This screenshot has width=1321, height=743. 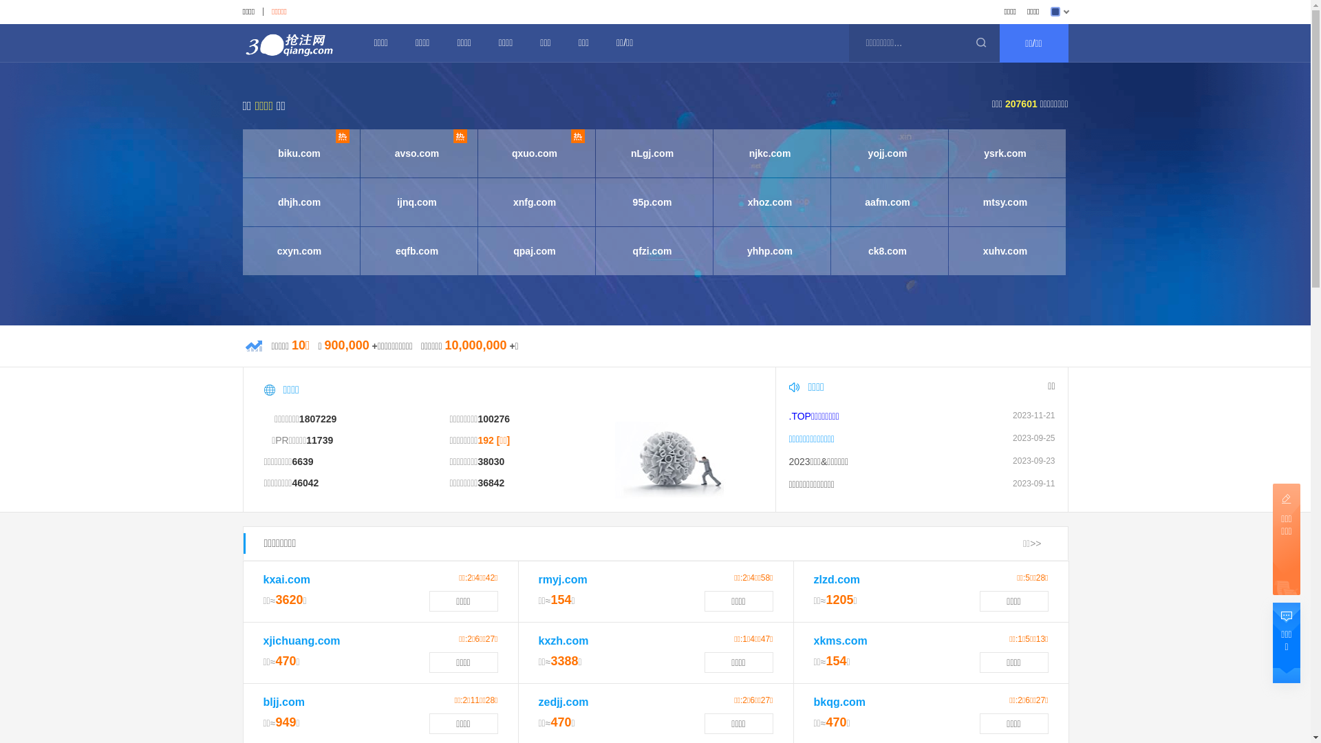 What do you see at coordinates (493, 418) in the screenshot?
I see `'100276'` at bounding box center [493, 418].